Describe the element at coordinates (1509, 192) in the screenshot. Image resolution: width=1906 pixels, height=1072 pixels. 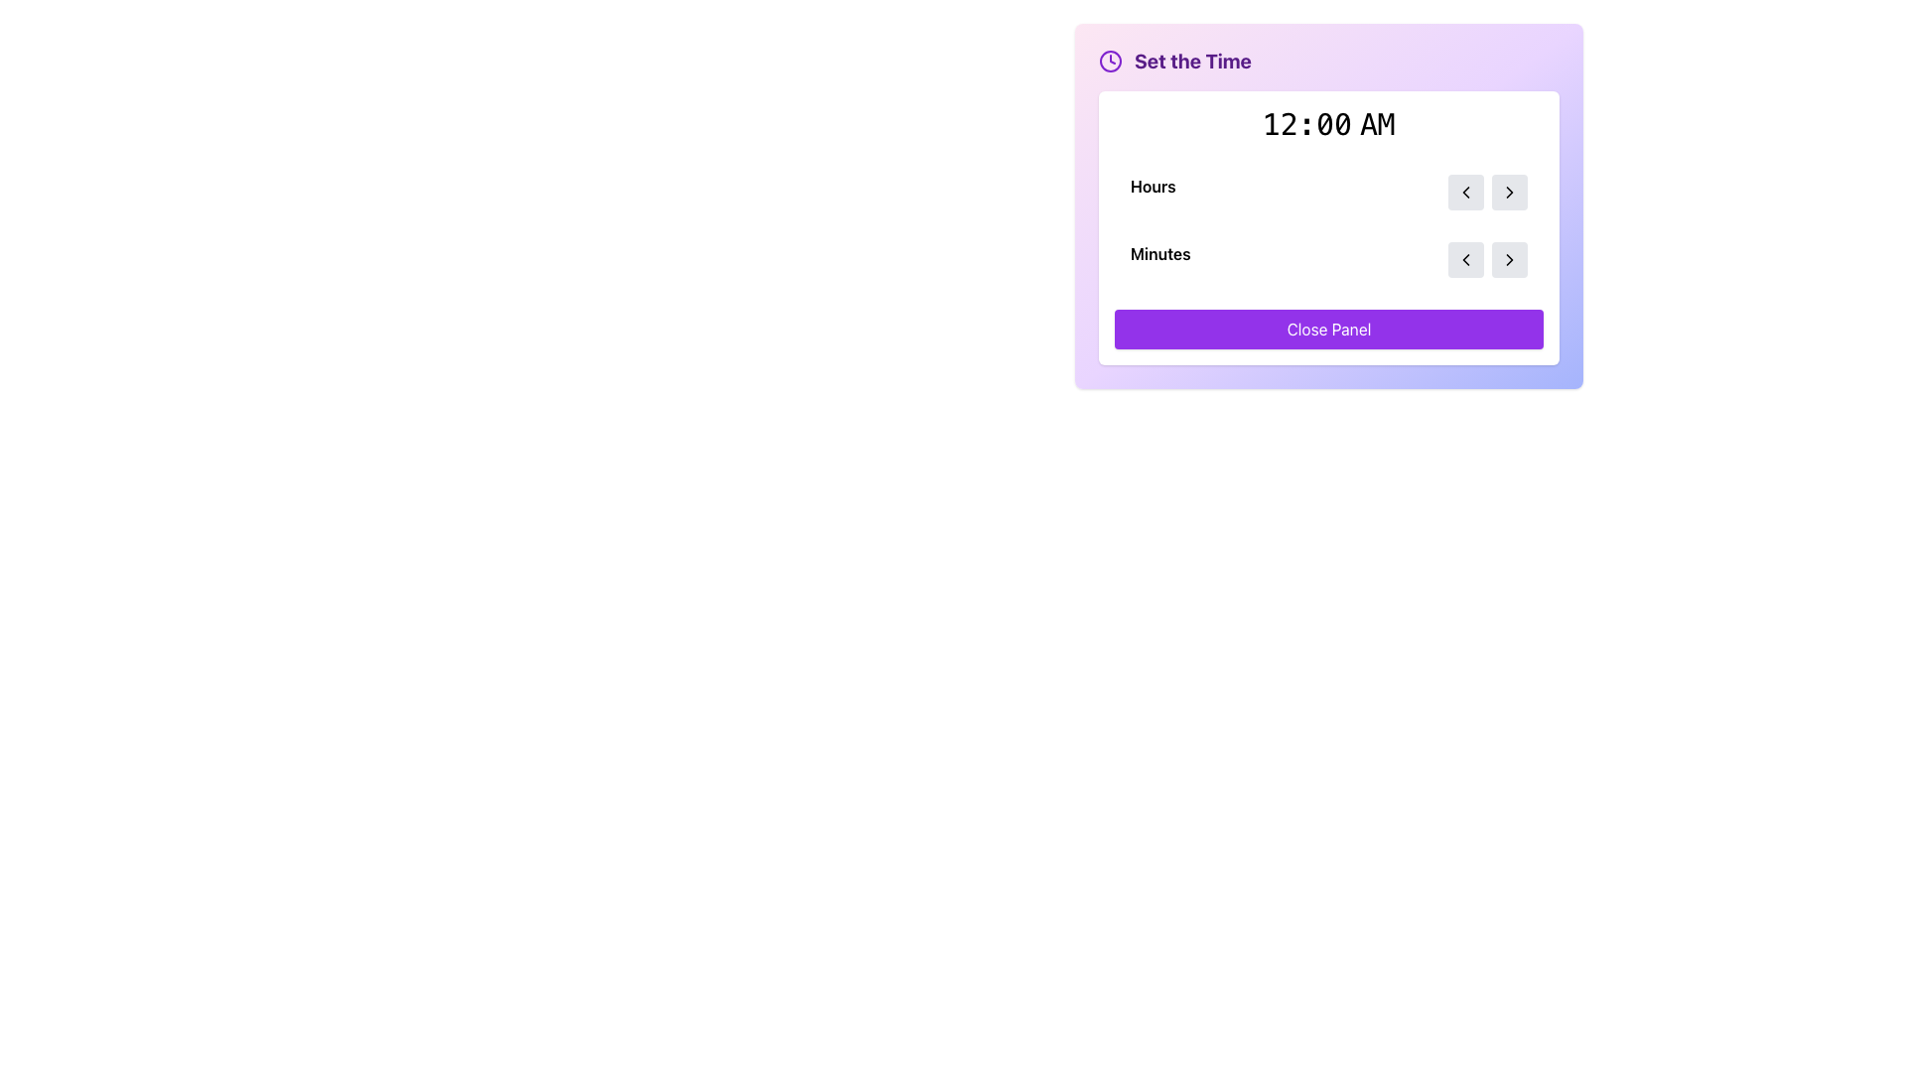
I see `the rightward chevron icon, which is the second button in the horizontal row of time adjustment buttons under the Hours label, to increment the value` at that location.